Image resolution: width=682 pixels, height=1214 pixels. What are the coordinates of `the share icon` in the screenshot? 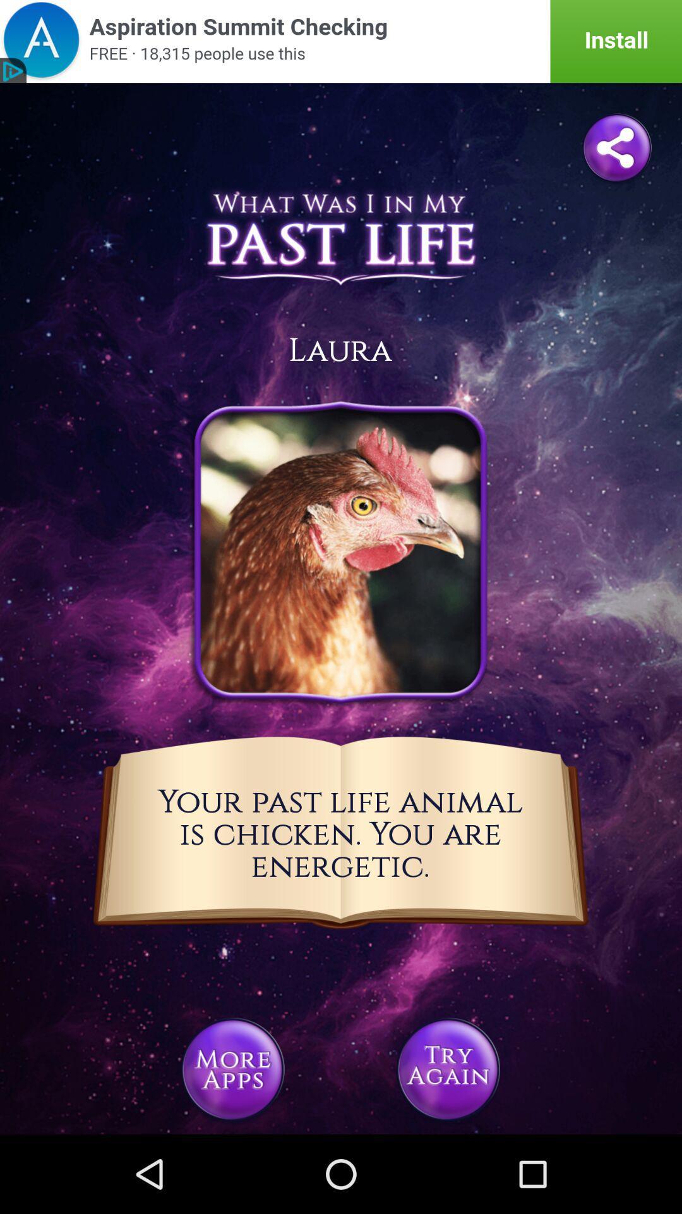 It's located at (616, 157).